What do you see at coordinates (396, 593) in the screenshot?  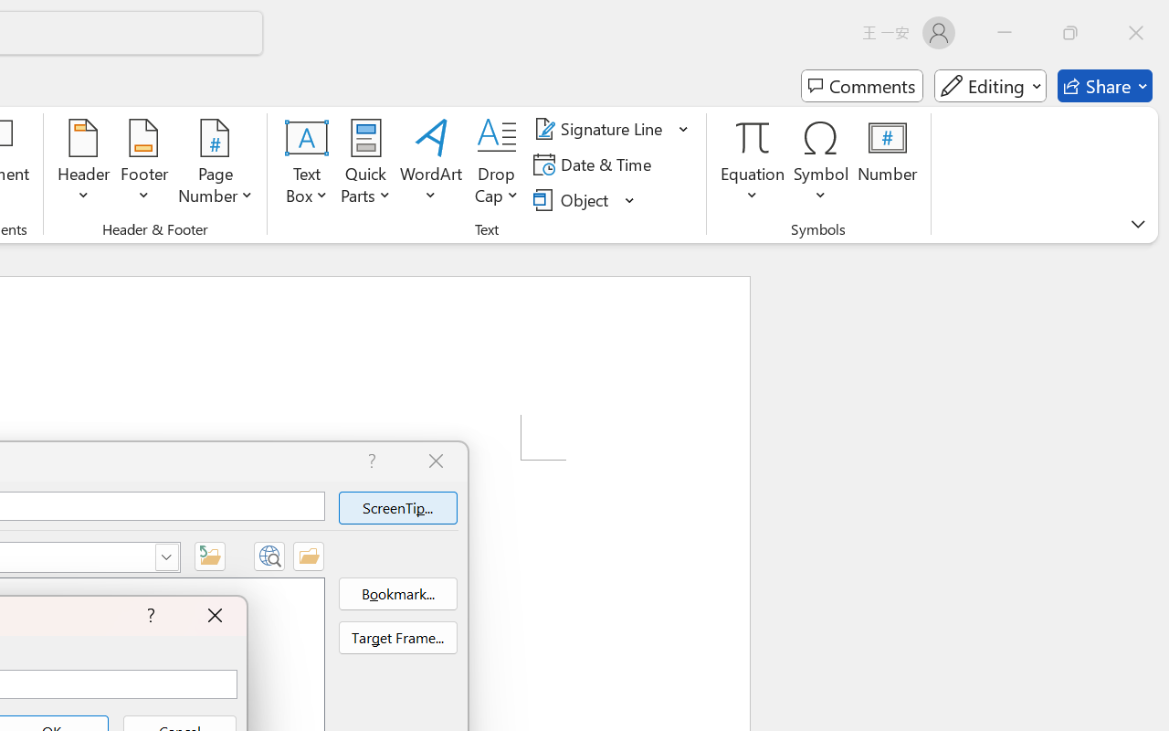 I see `'Bookmark...'` at bounding box center [396, 593].